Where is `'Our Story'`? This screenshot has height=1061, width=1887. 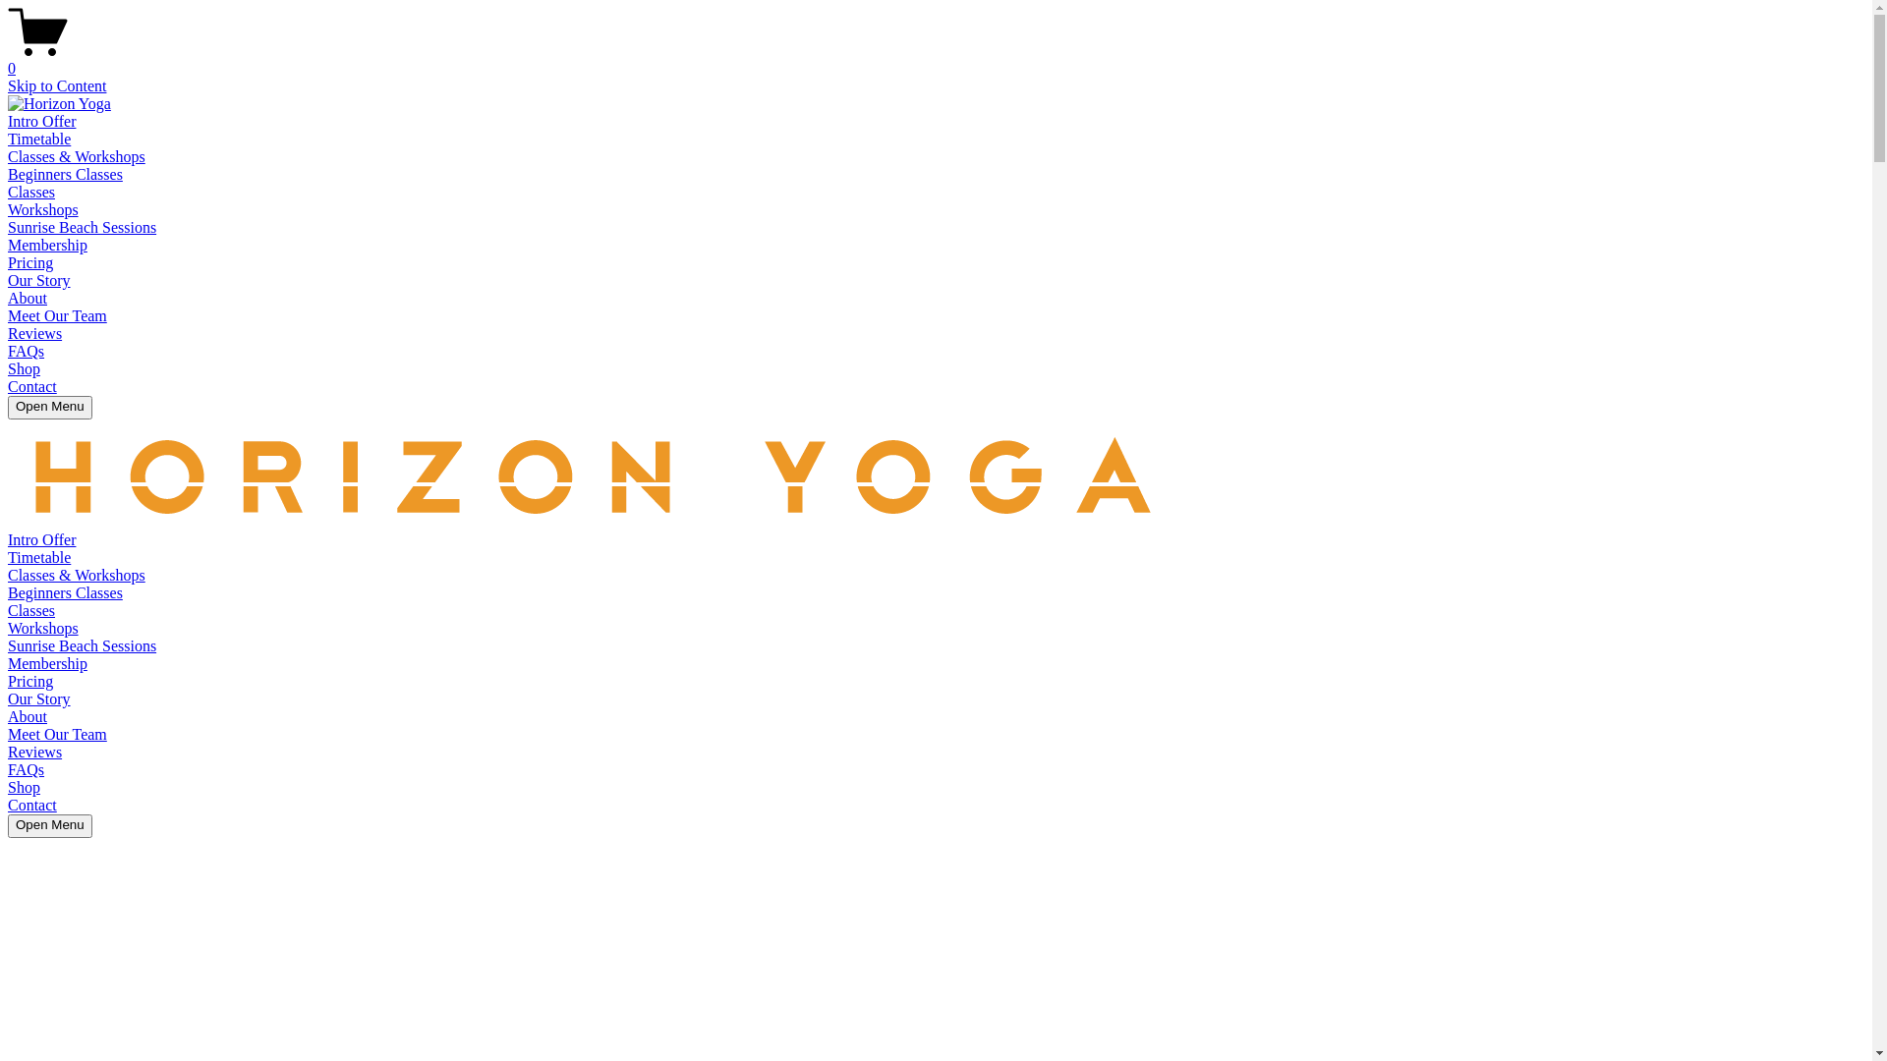
'Our Story' is located at coordinates (38, 698).